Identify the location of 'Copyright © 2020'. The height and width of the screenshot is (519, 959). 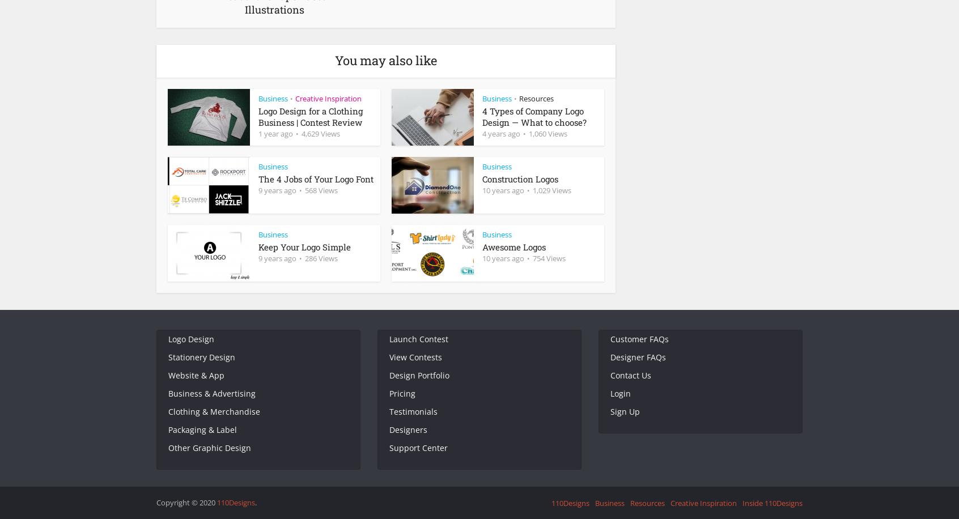
(186, 501).